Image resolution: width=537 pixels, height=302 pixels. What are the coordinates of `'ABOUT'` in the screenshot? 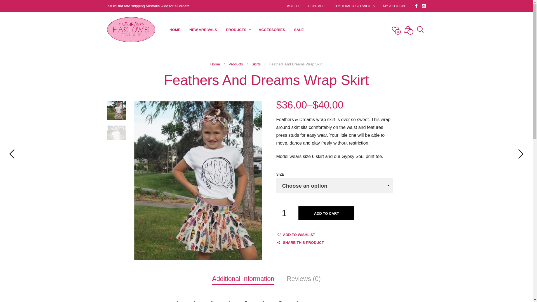 It's located at (293, 6).